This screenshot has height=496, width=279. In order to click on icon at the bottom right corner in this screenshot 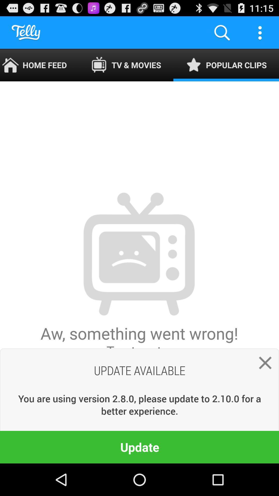, I will do `click(263, 365)`.